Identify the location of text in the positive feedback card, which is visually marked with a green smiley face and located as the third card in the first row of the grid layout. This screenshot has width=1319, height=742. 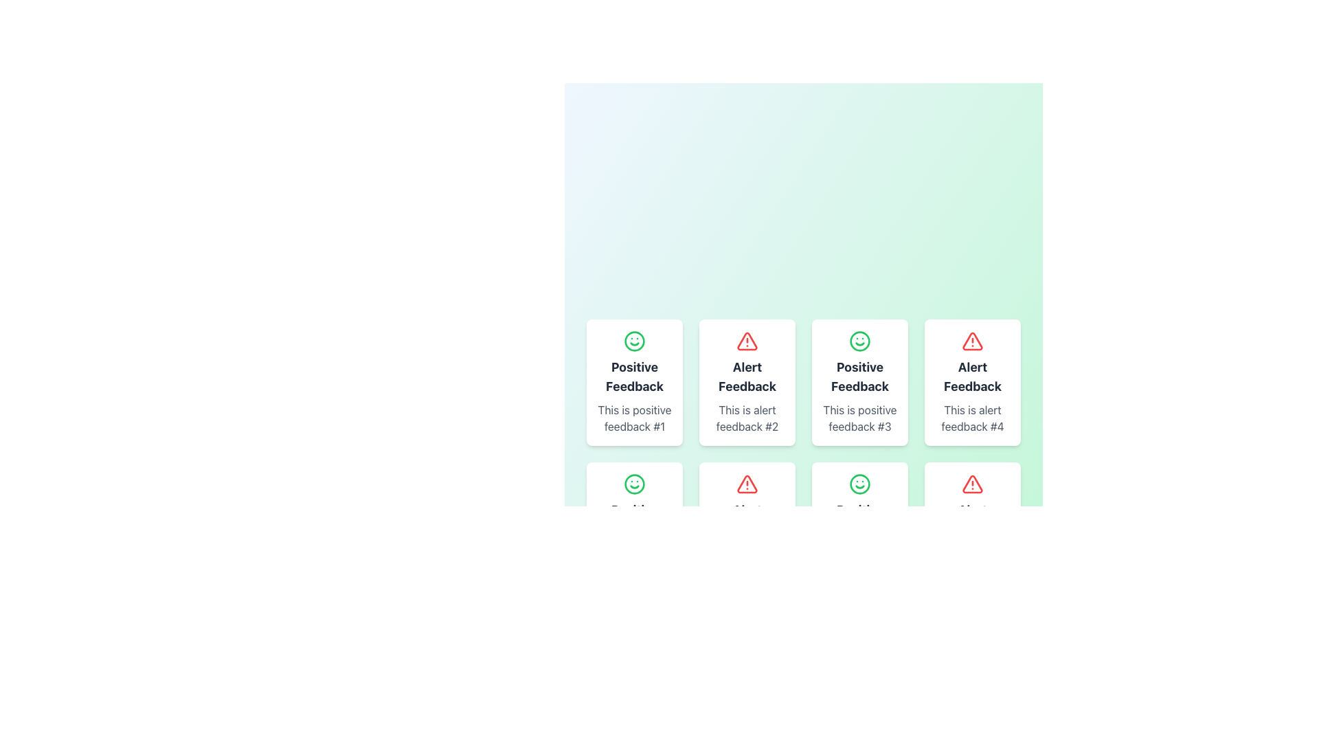
(859, 382).